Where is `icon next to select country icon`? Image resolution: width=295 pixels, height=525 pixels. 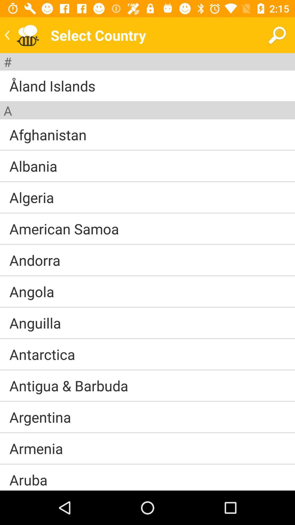
icon next to select country icon is located at coordinates (277, 35).